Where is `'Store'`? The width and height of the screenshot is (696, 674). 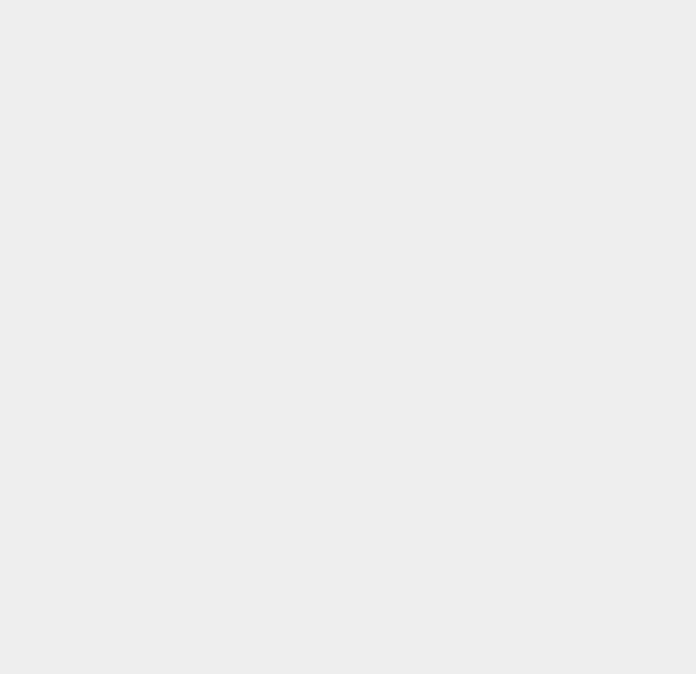
'Store' is located at coordinates (502, 67).